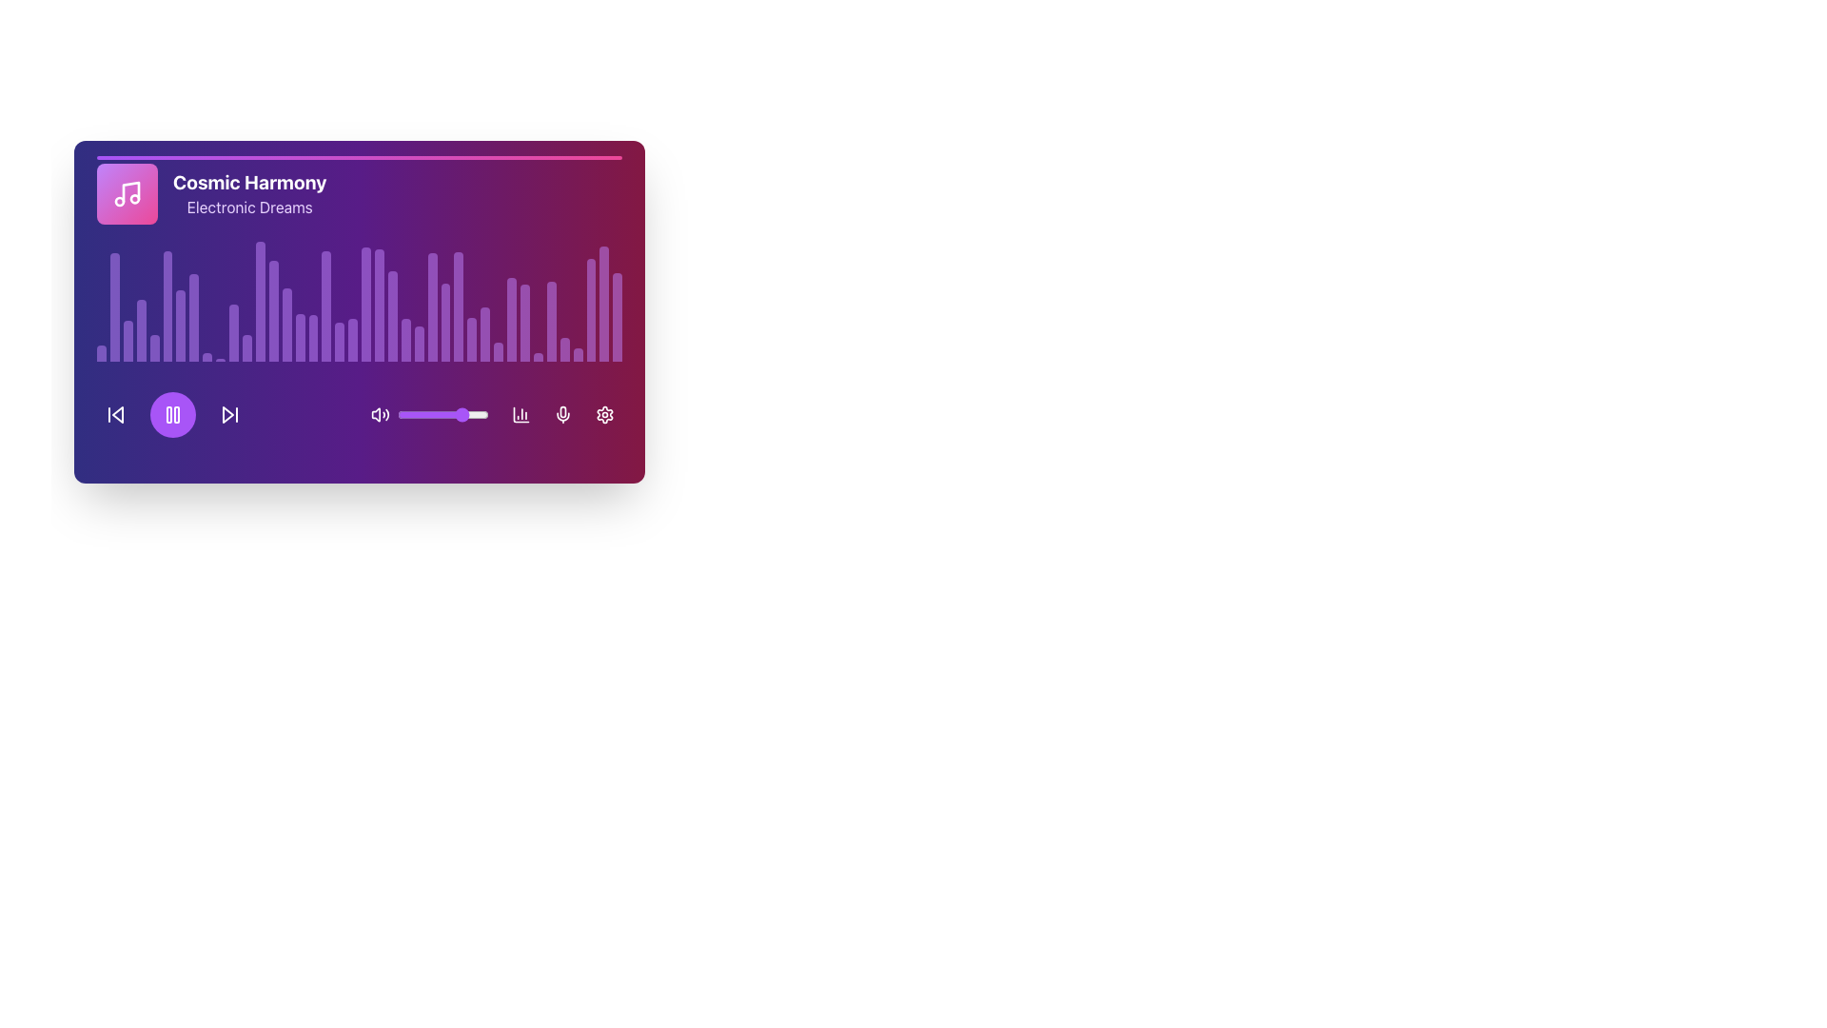 This screenshot has width=1827, height=1028. I want to click on the Back Skip icon, which is a triangular shape located in the bottom left section of the music player interface, so click(117, 413).